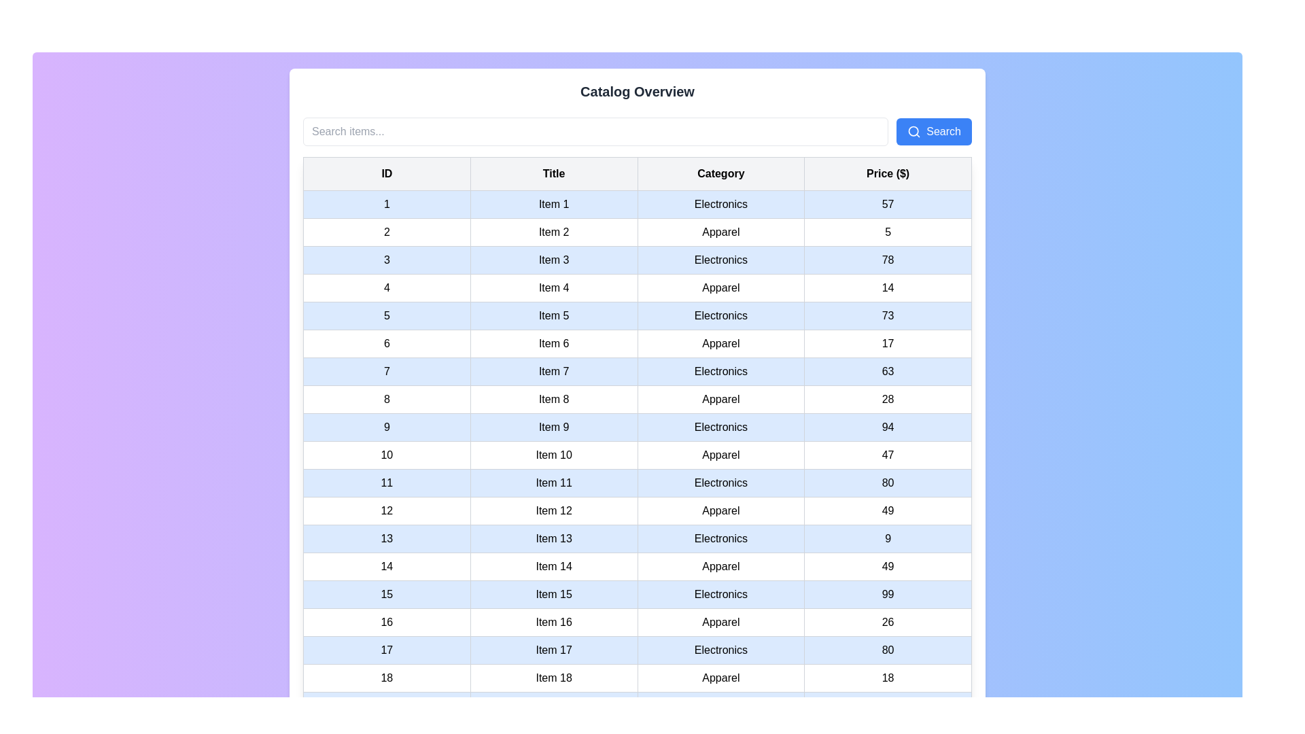  What do you see at coordinates (933, 131) in the screenshot?
I see `the blue 'Search' button with white text` at bounding box center [933, 131].